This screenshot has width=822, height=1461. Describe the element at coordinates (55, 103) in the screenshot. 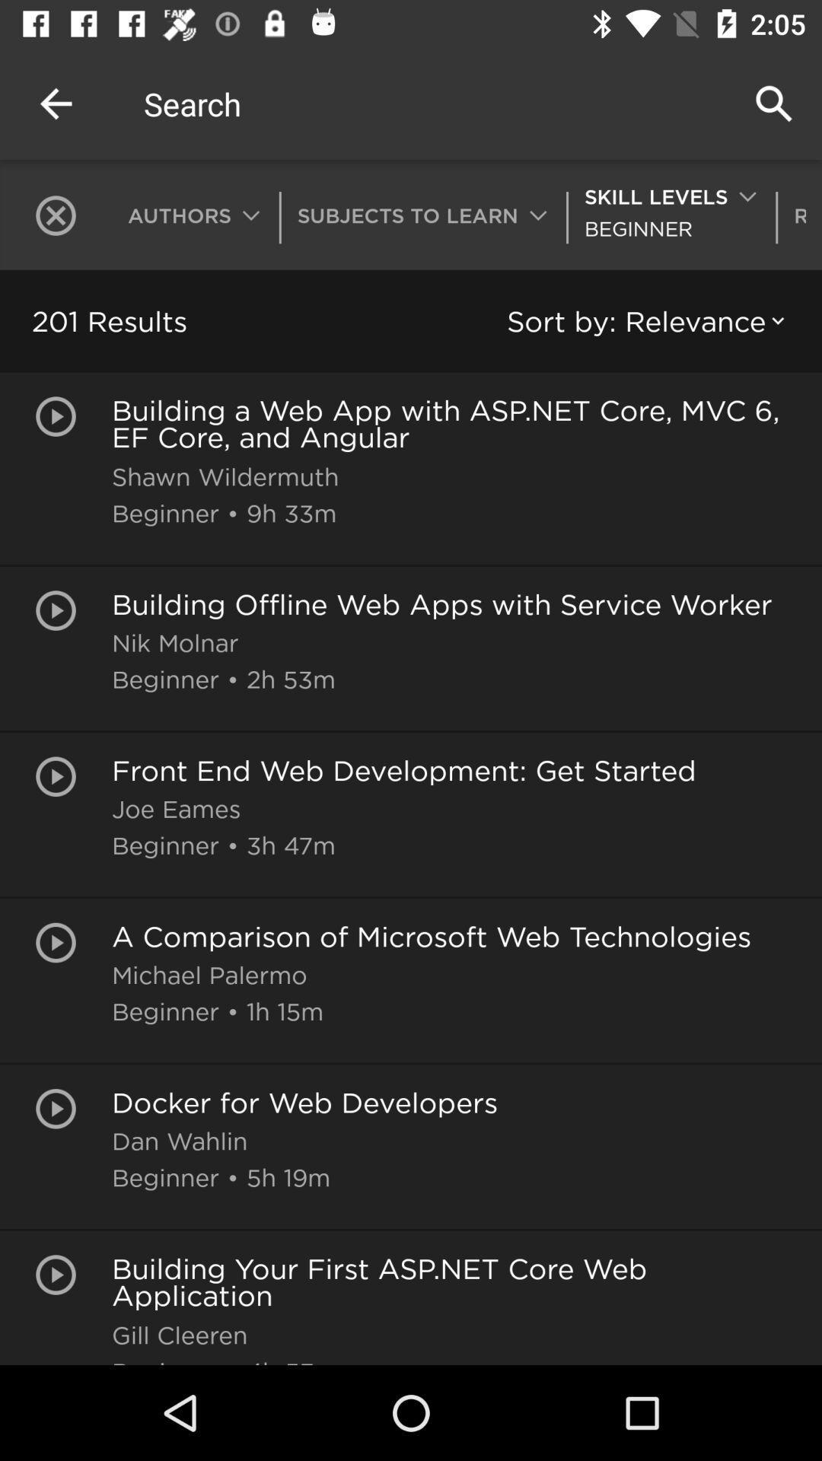

I see `the item next to search` at that location.